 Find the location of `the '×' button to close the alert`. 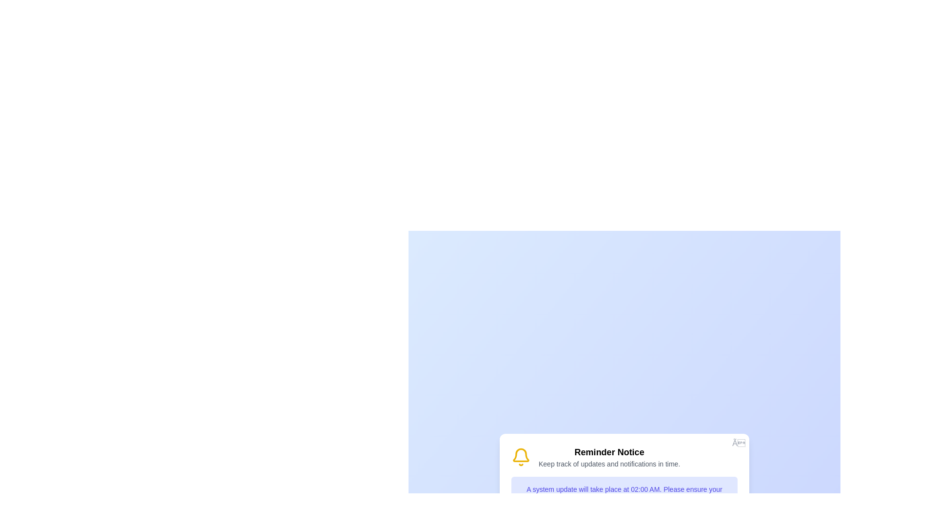

the '×' button to close the alert is located at coordinates (739, 444).